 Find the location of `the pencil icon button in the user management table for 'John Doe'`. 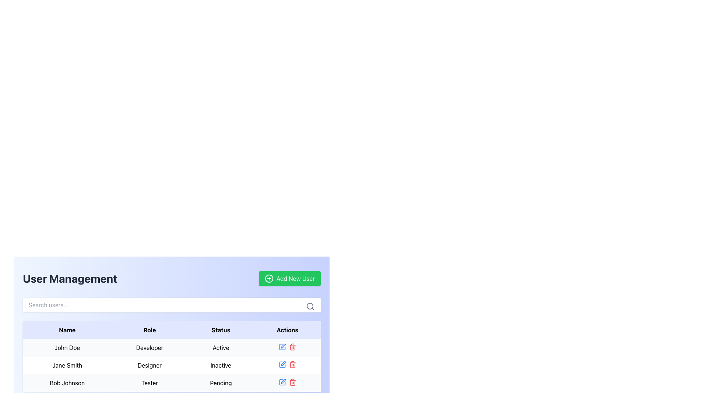

the pencil icon button in the user management table for 'John Doe' is located at coordinates (283, 346).